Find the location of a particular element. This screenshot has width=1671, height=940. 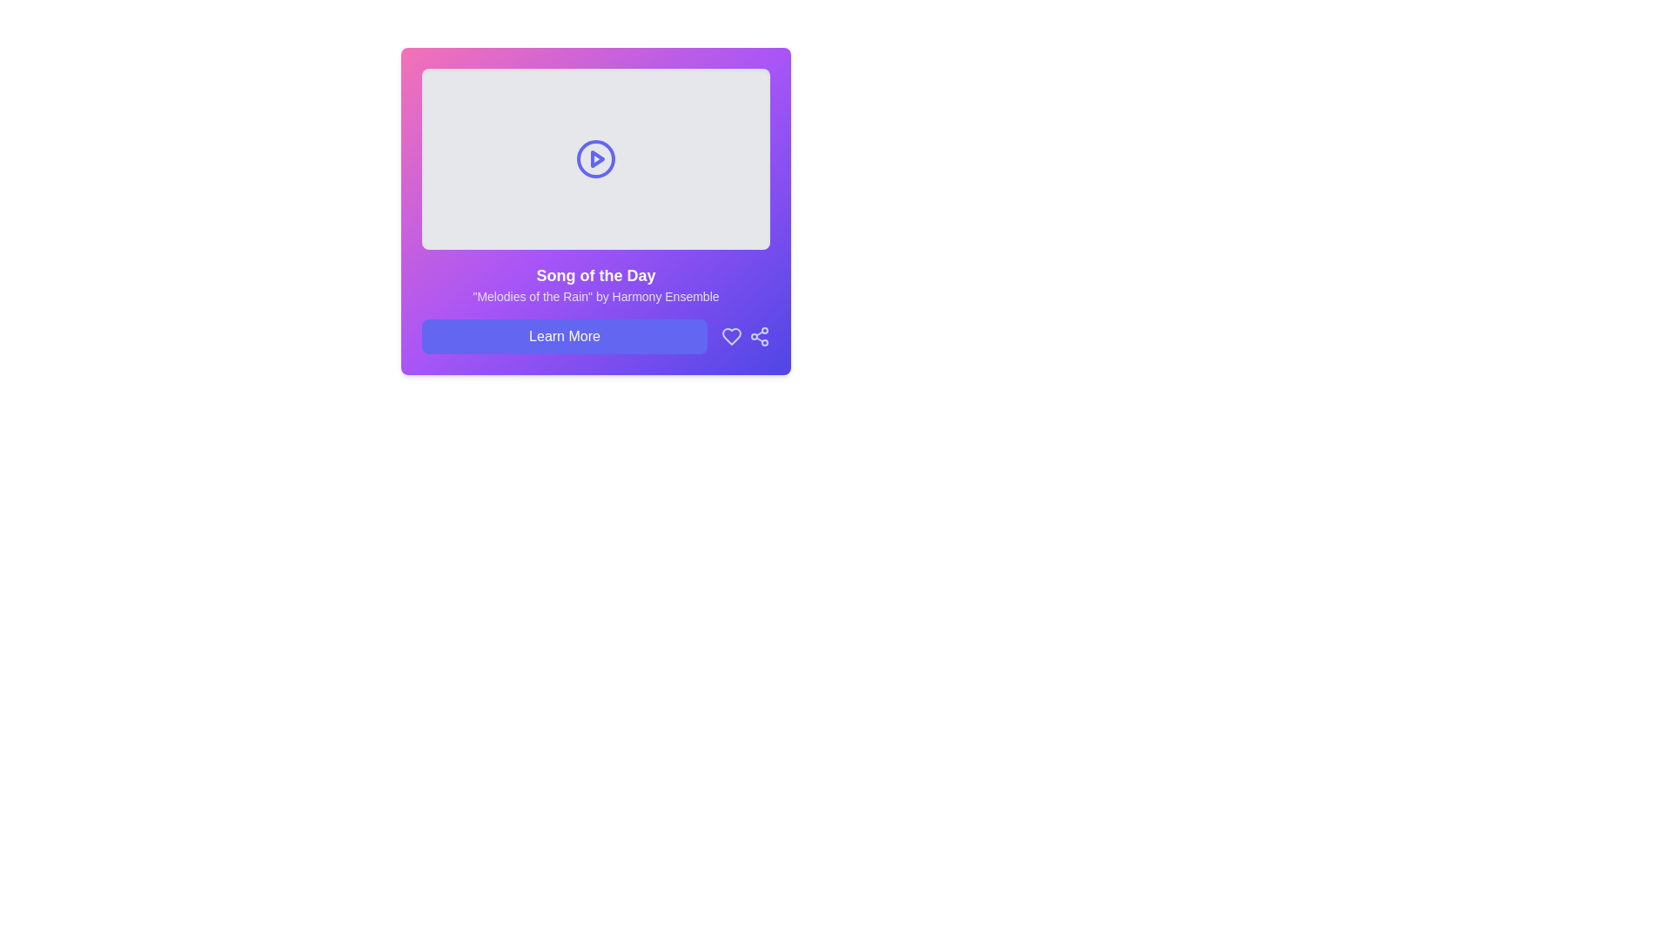

the outer circle of the play button icon located in the multimedia preview section of the 'Song of the Day' card is located at coordinates (596, 158).